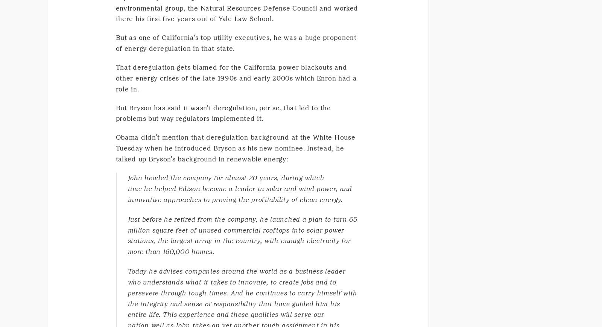 The width and height of the screenshot is (602, 327). What do you see at coordinates (128, 282) in the screenshot?
I see `'who understands what it takes to innovate, to create jobs and to'` at bounding box center [128, 282].